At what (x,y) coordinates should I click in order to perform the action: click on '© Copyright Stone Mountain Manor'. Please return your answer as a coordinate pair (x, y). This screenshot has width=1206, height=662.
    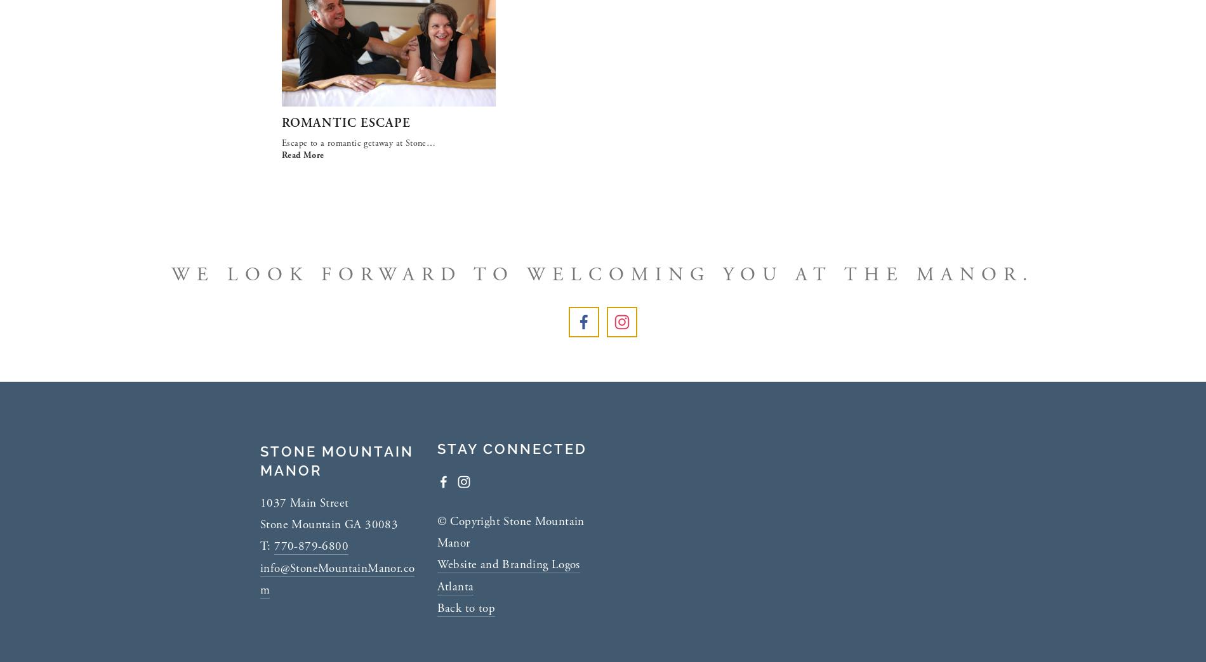
    Looking at the image, I should click on (510, 531).